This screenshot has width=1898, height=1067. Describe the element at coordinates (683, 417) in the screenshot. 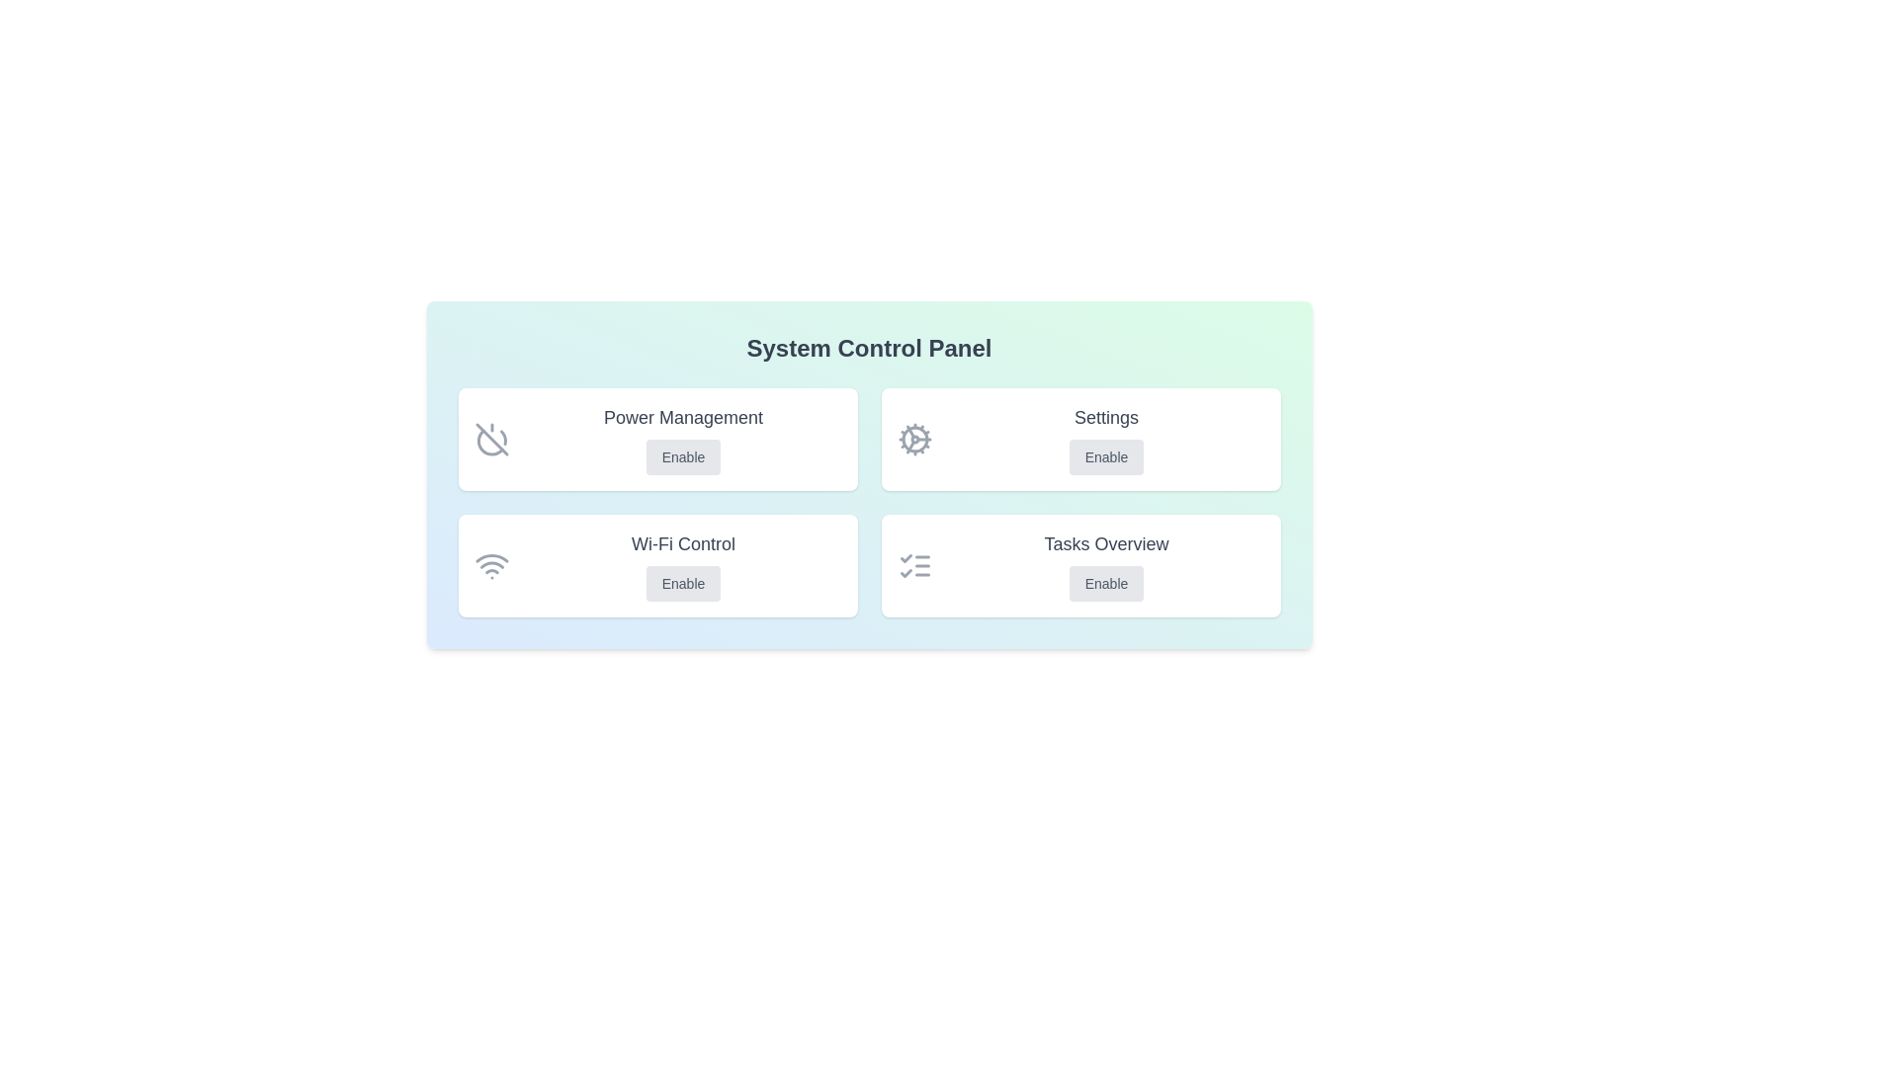

I see `the 'Power Management' text label, which is a bold title indicating power management settings, located above the 'Enable' button and next to the associated icon` at that location.